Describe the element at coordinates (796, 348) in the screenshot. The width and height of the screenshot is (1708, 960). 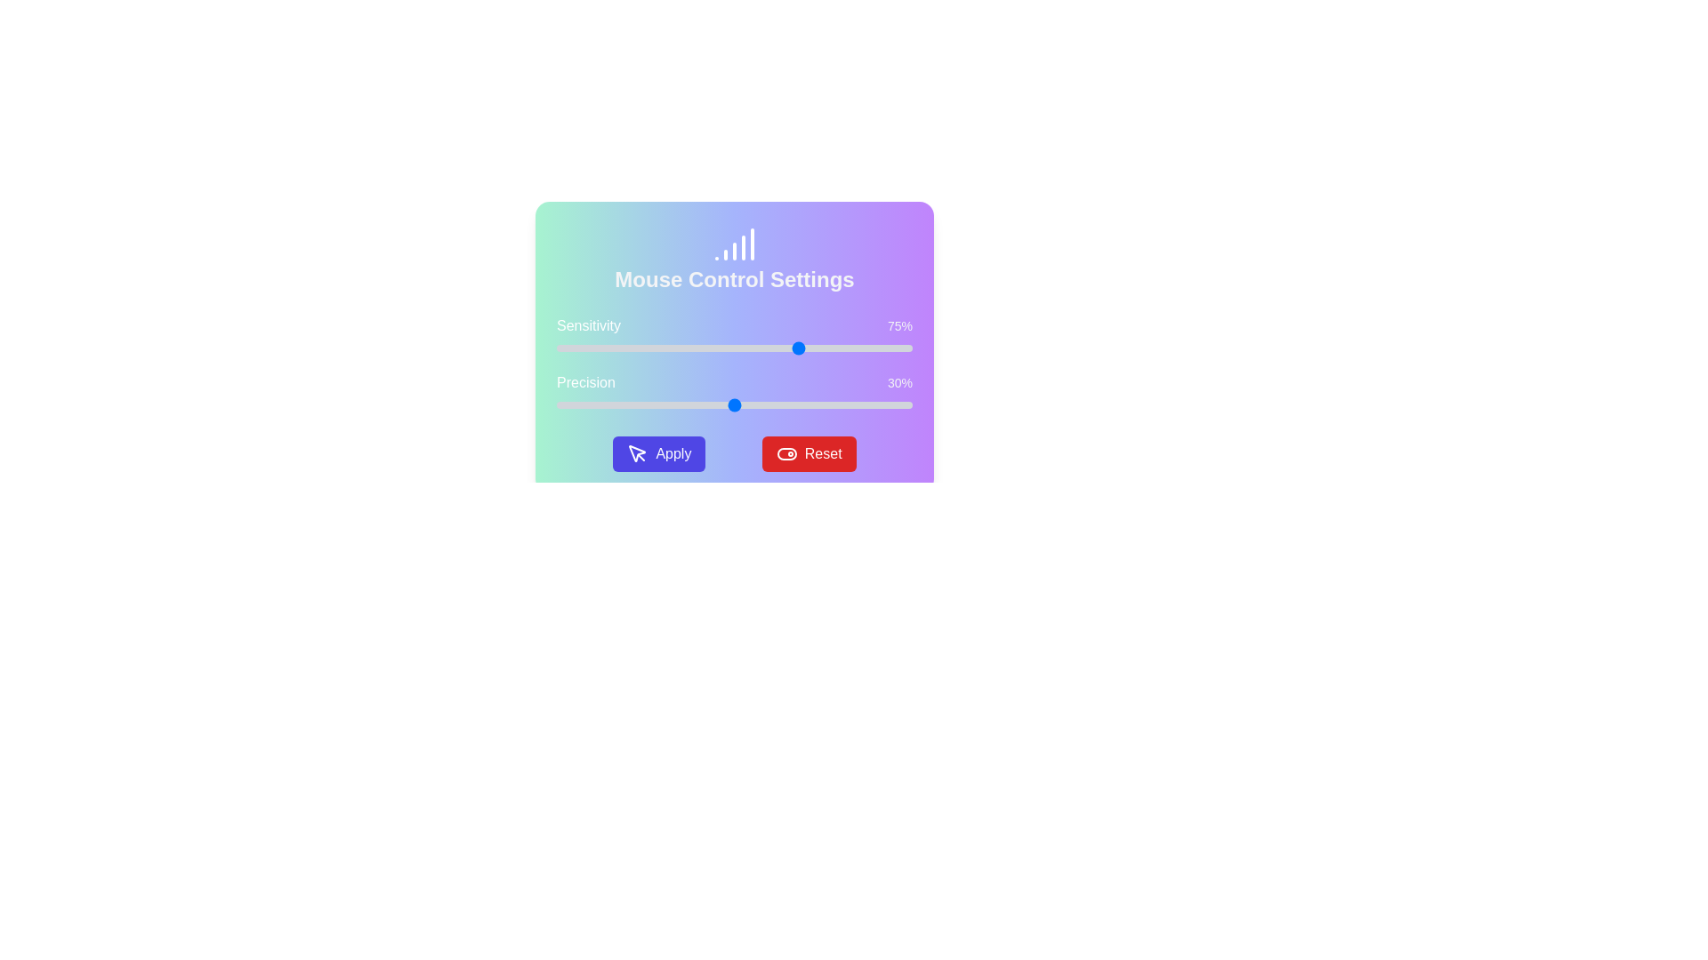
I see `the sensitivity` at that location.